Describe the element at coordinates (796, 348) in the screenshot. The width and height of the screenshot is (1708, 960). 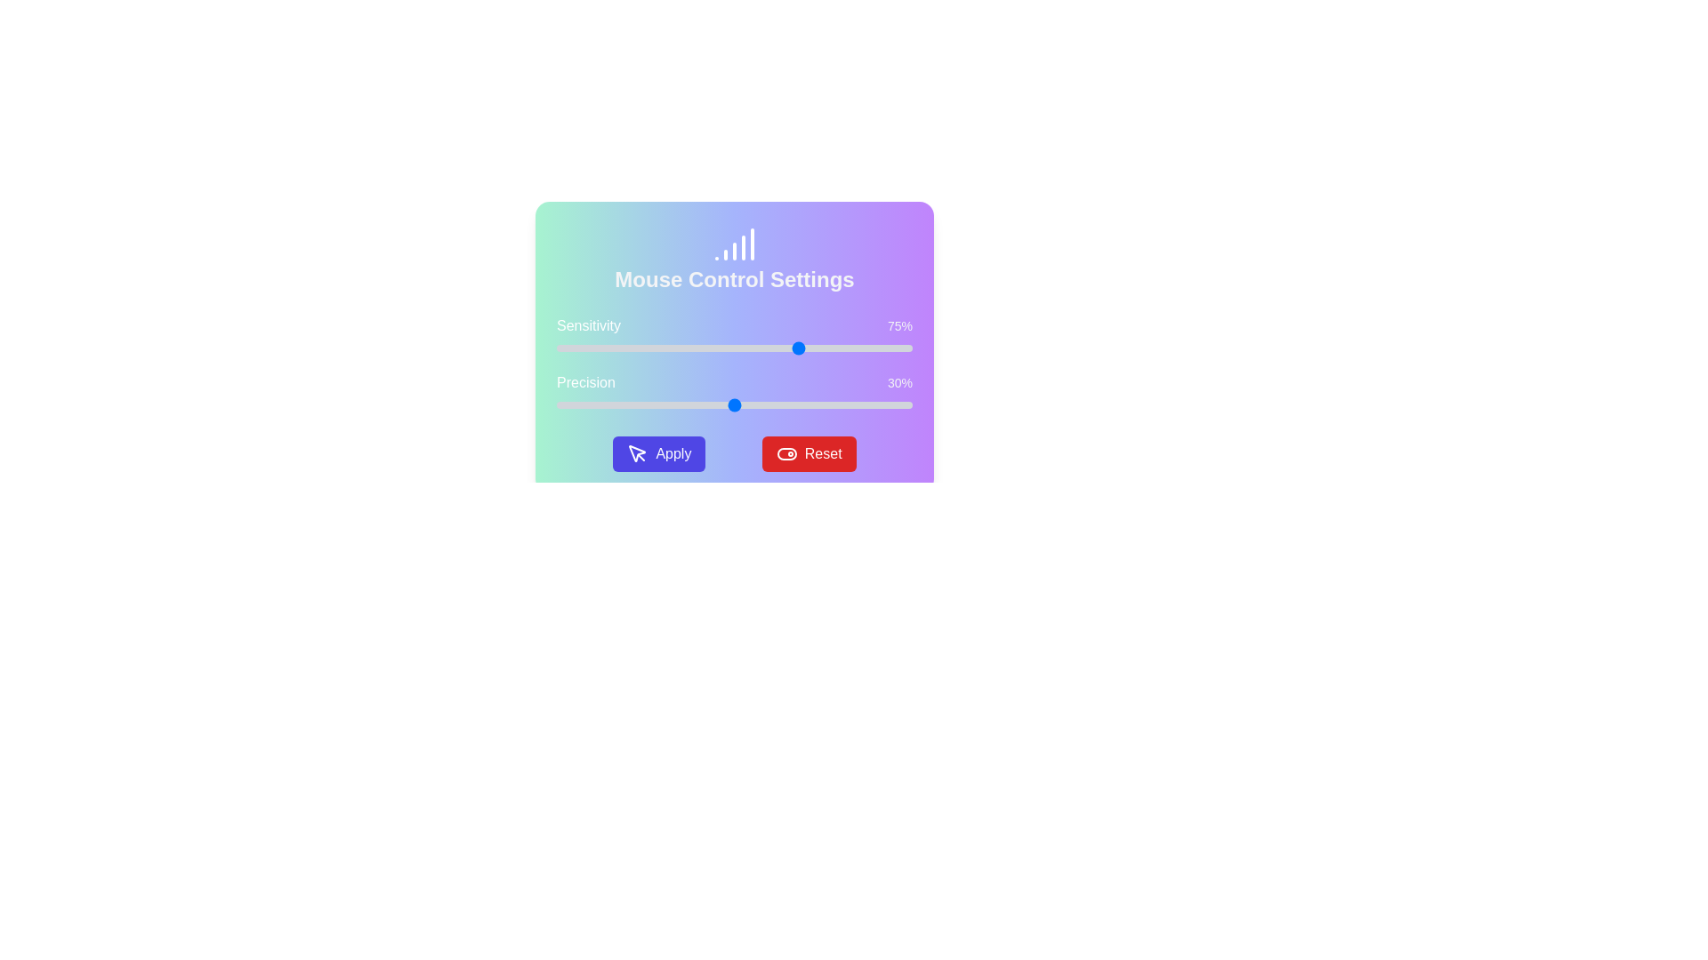
I see `the sensitivity` at that location.